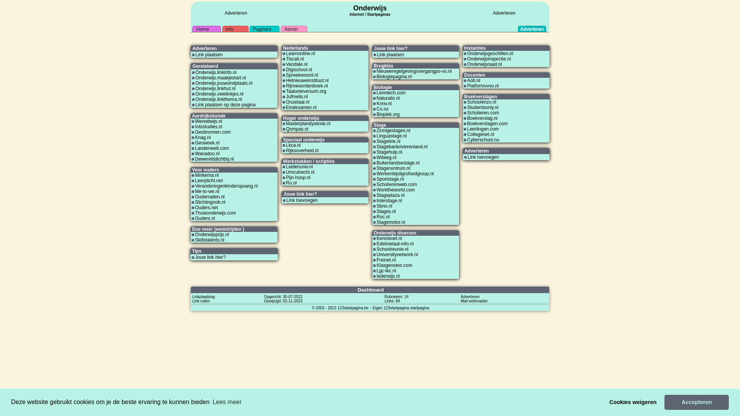 The width and height of the screenshot is (740, 416). Describe the element at coordinates (209, 240) in the screenshot. I see `'Skillstalents.nl'` at that location.